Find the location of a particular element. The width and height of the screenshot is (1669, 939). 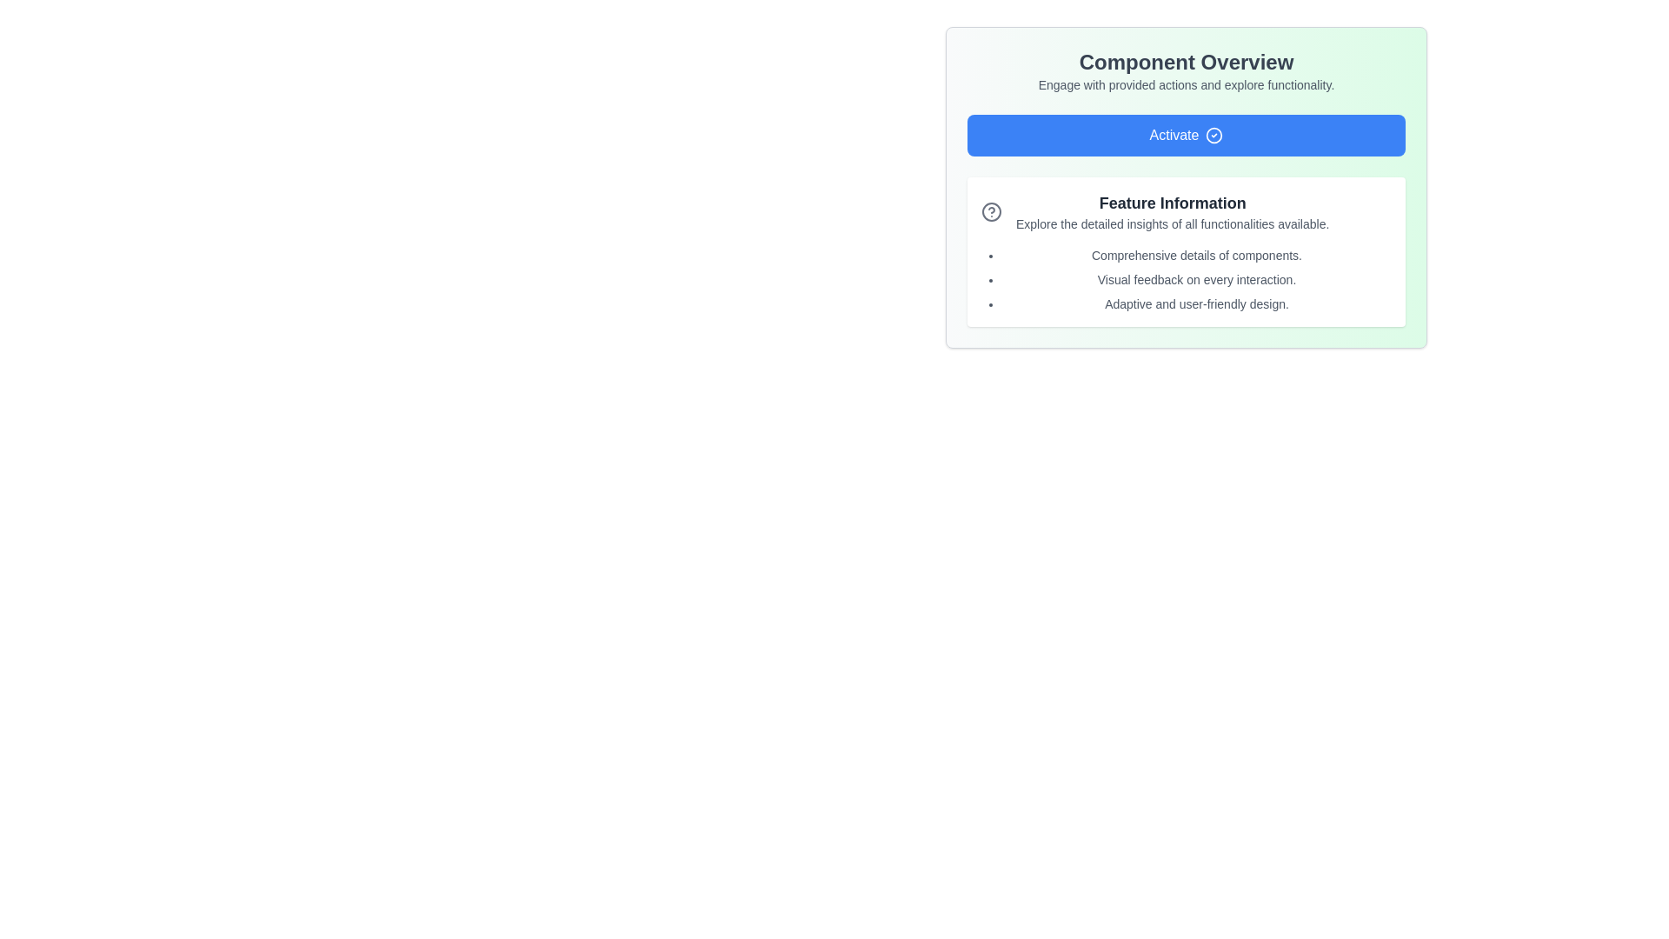

text content 'Visual feedback on every interaction.' which is the second bullet point in the list under 'Feature Information' in the 'Component Overview' panel is located at coordinates (1196, 278).